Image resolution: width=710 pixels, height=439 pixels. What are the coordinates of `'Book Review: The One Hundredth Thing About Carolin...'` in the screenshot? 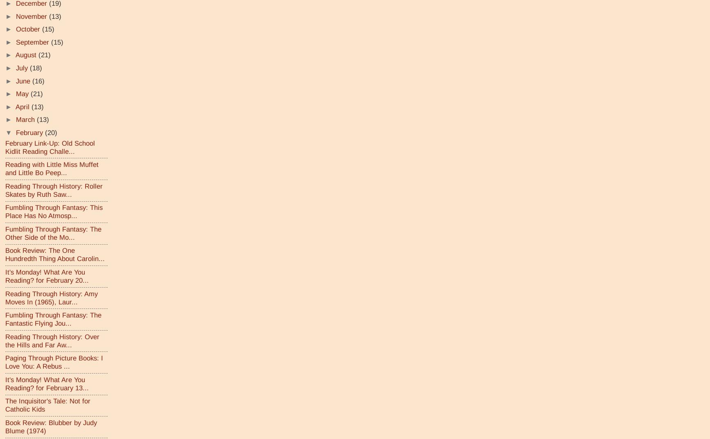 It's located at (55, 254).